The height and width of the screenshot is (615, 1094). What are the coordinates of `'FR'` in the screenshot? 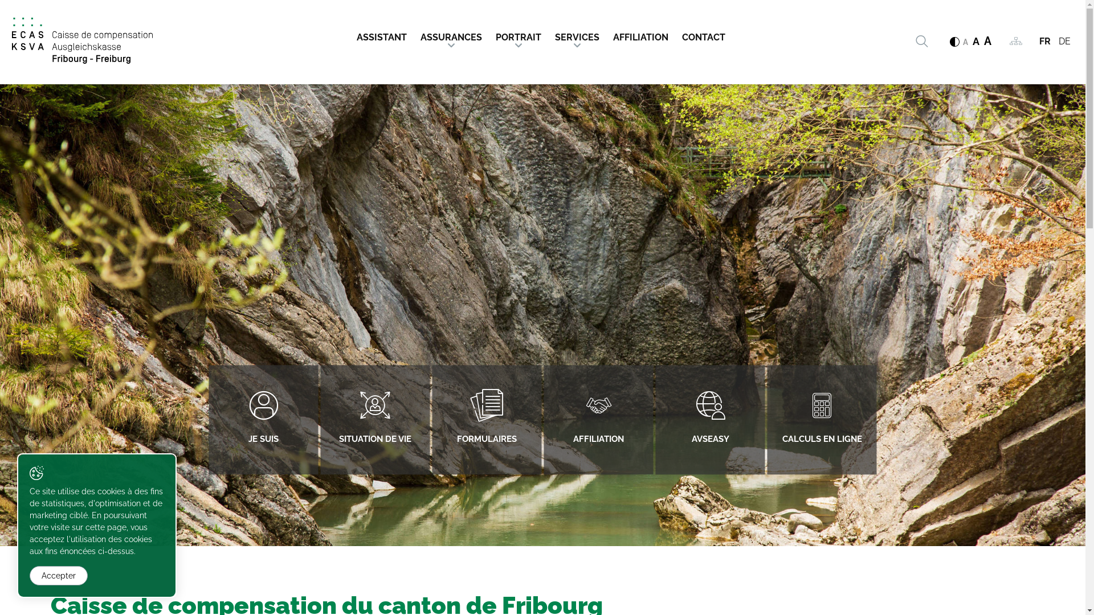 It's located at (1044, 40).